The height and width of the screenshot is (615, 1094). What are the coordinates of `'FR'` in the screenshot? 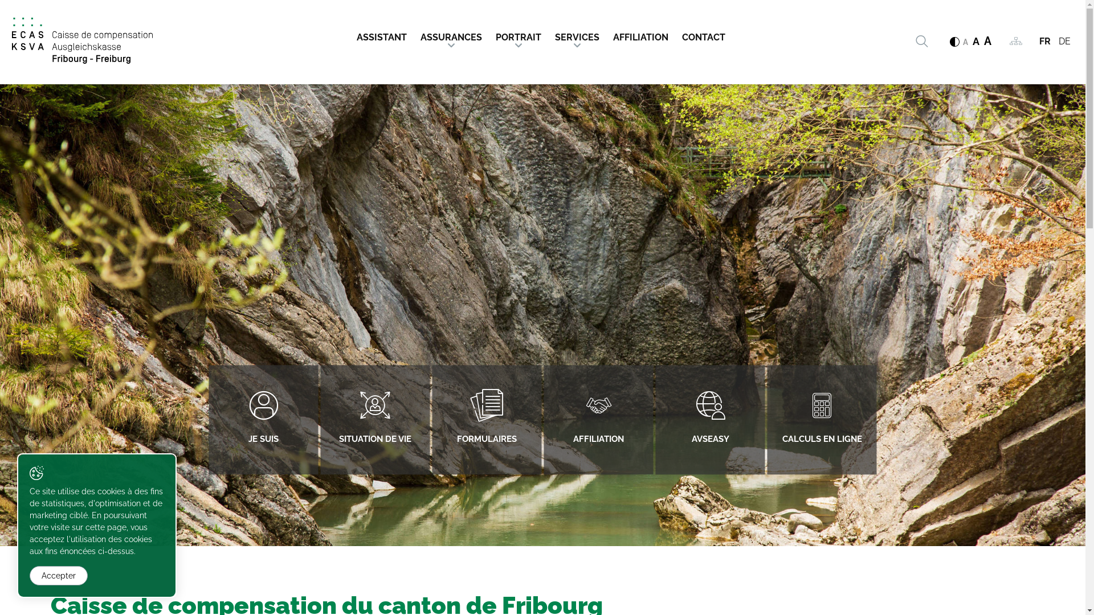 It's located at (1044, 40).